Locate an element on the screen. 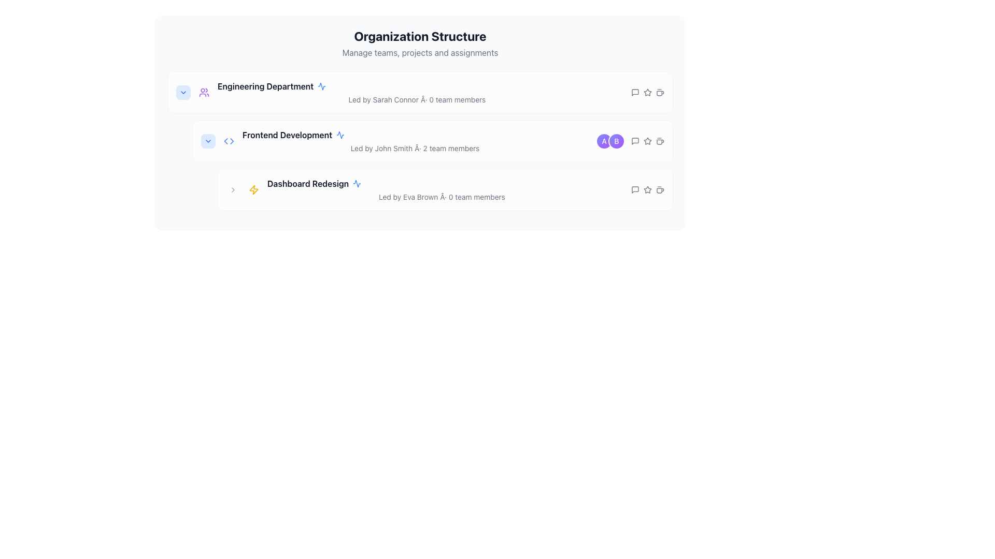 The width and height of the screenshot is (995, 559). the star-shaped icon with a hollow center, which is the third icon from the left in a group of horizontally aligned icons is located at coordinates (647, 141).